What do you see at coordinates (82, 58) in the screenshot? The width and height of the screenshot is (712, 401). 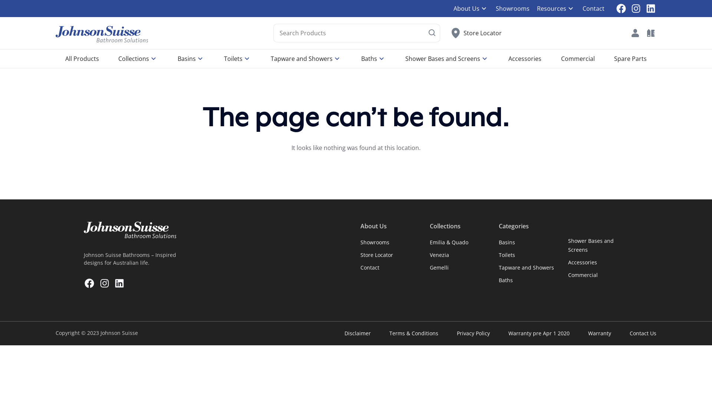 I see `'All Products'` at bounding box center [82, 58].